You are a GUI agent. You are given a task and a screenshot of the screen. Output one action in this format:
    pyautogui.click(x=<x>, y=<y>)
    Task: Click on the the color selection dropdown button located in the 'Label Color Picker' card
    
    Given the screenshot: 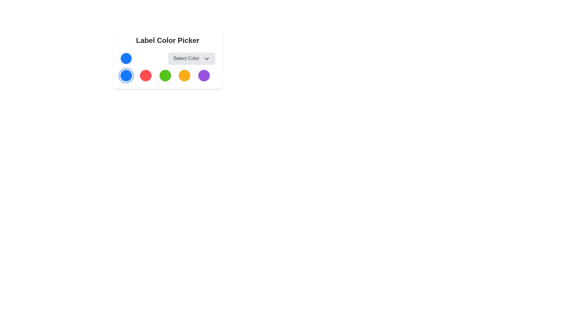 What is the action you would take?
    pyautogui.click(x=167, y=58)
    